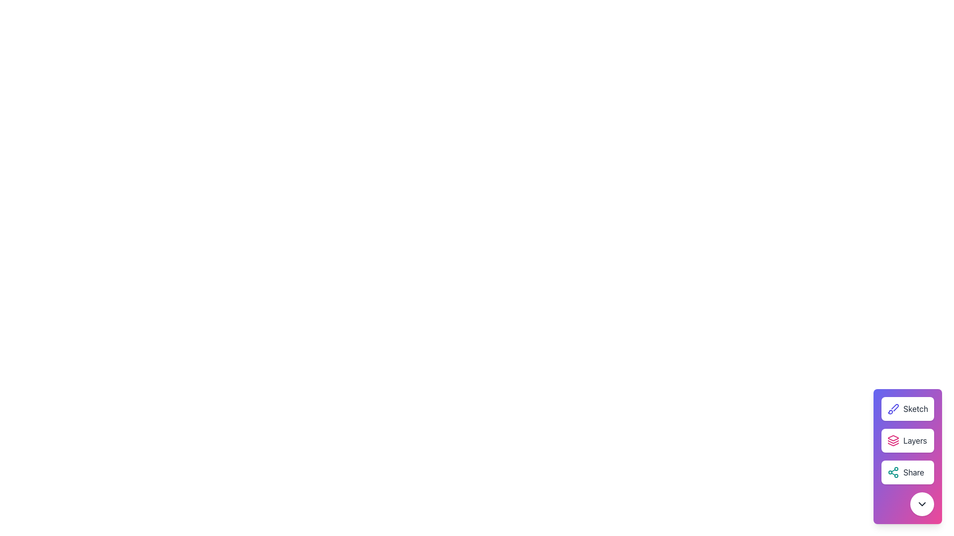 Image resolution: width=954 pixels, height=536 pixels. I want to click on the 'Layers' button, which is the second button in a vertical list of three buttons, so click(908, 440).